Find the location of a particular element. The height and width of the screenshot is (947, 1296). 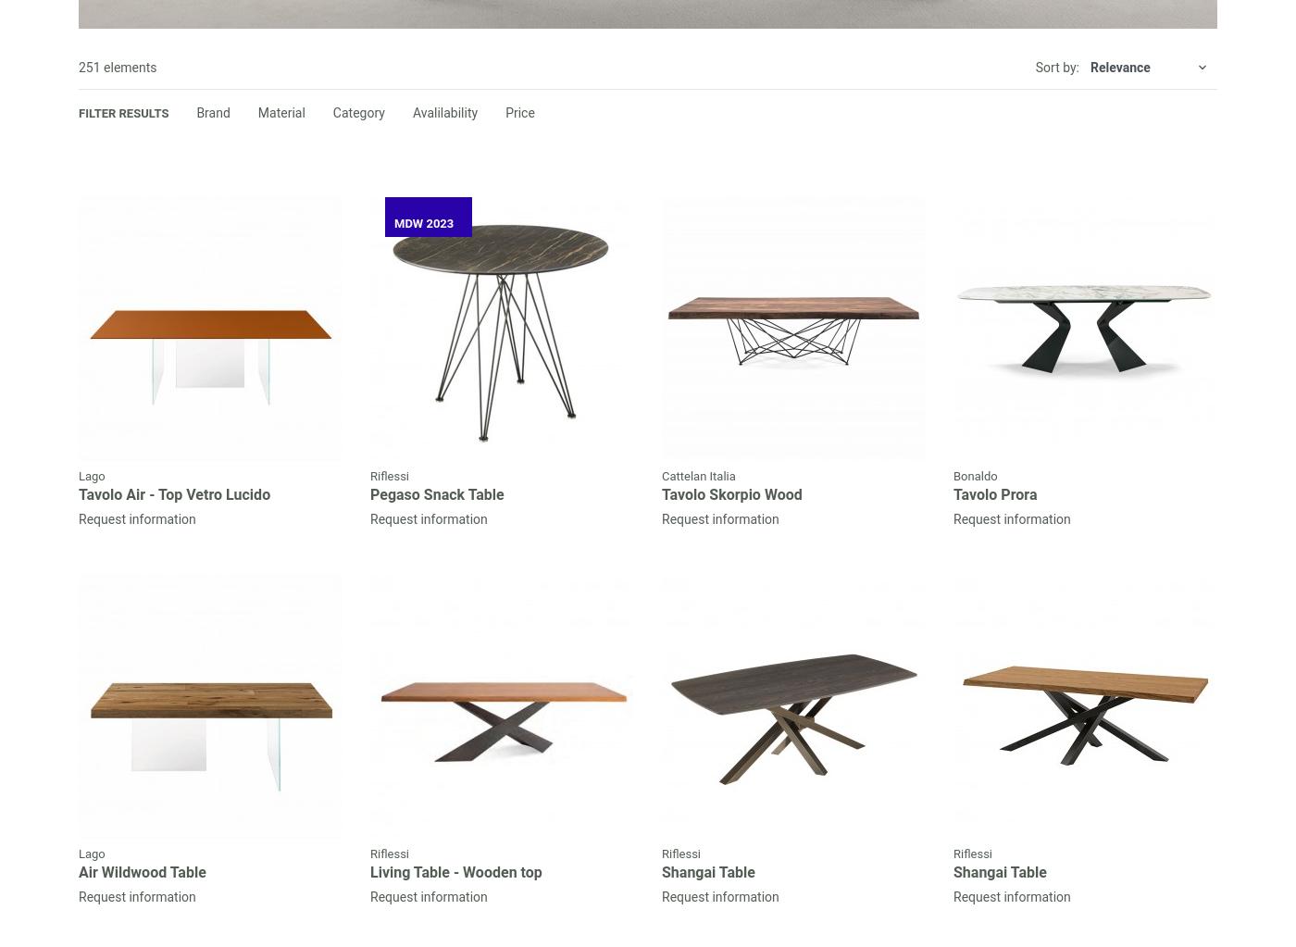

'Cattelan Italia' is located at coordinates (698, 474).